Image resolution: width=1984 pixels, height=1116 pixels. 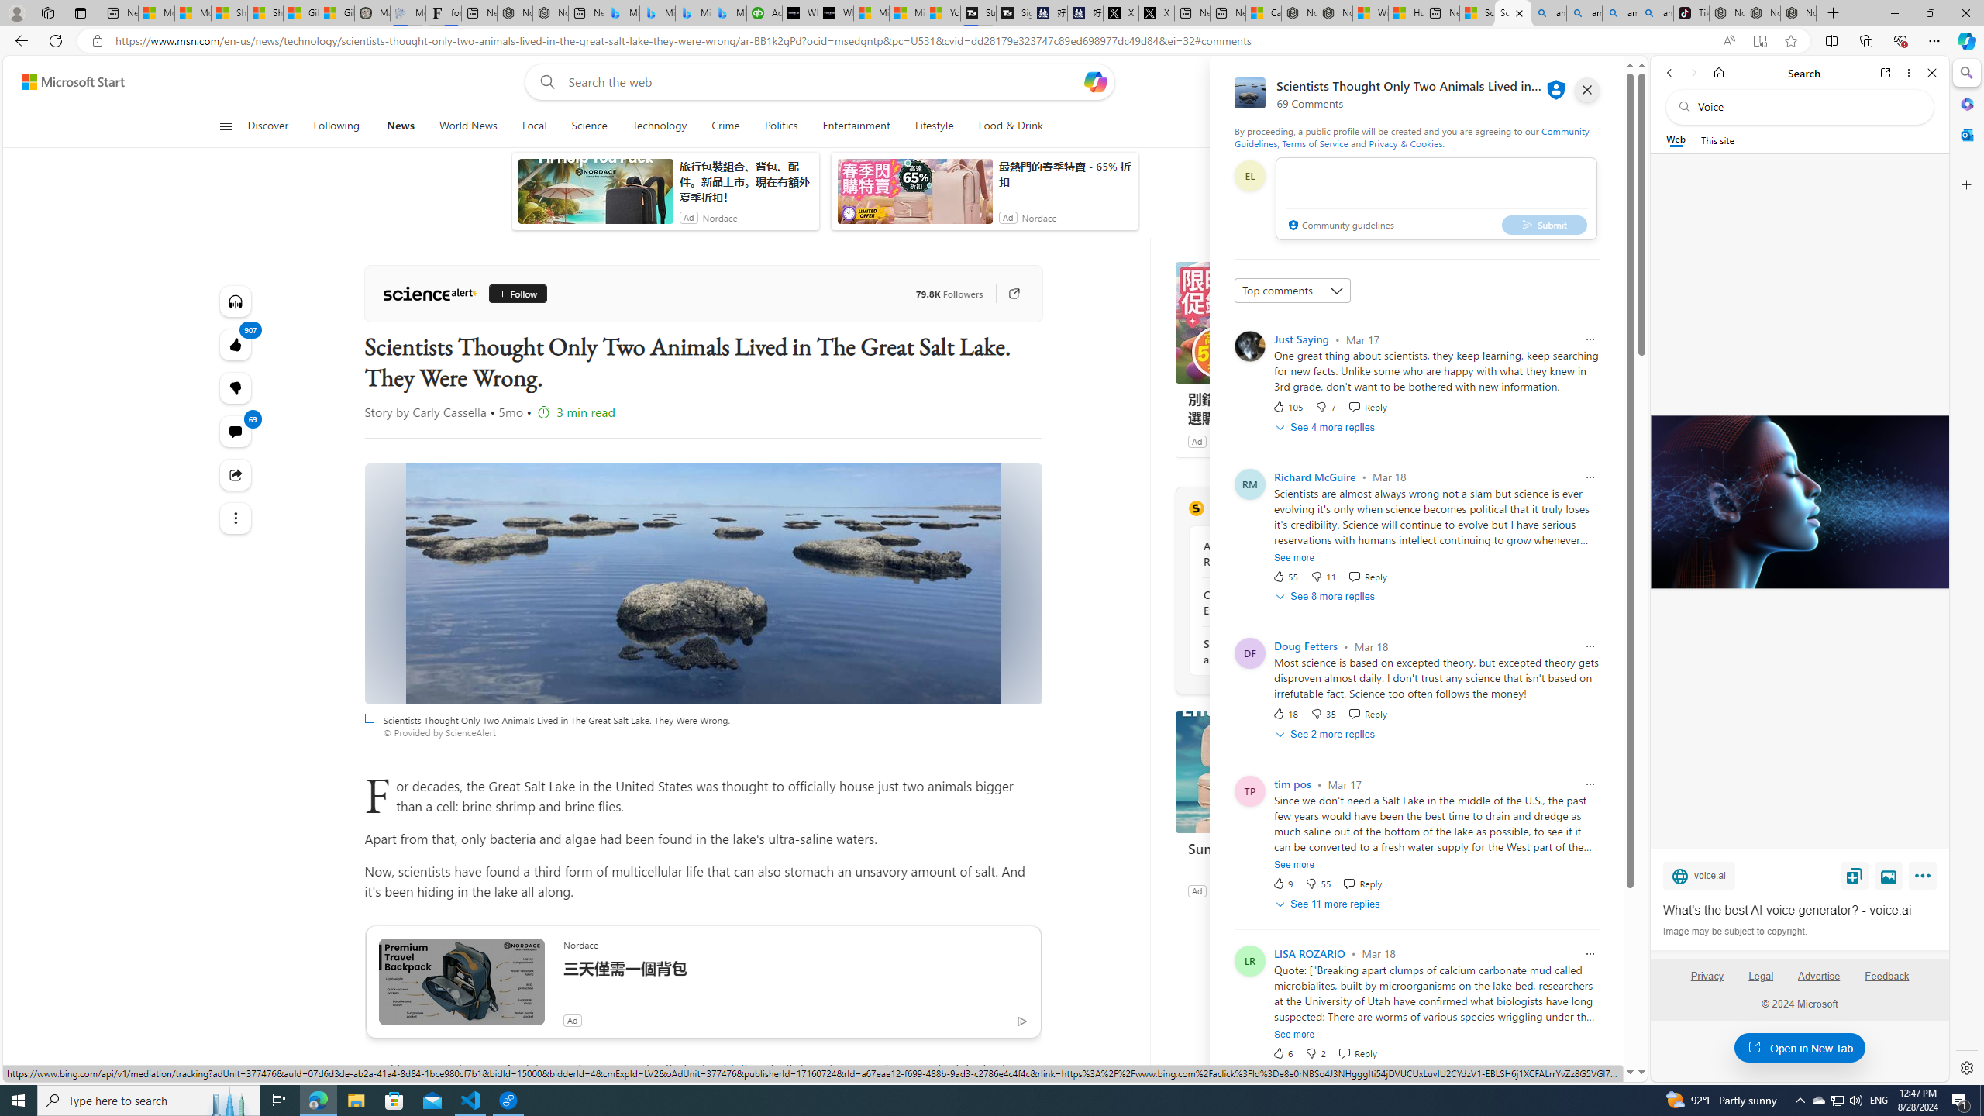 I want to click on 'Privacy & Cookies', so click(x=1405, y=143).